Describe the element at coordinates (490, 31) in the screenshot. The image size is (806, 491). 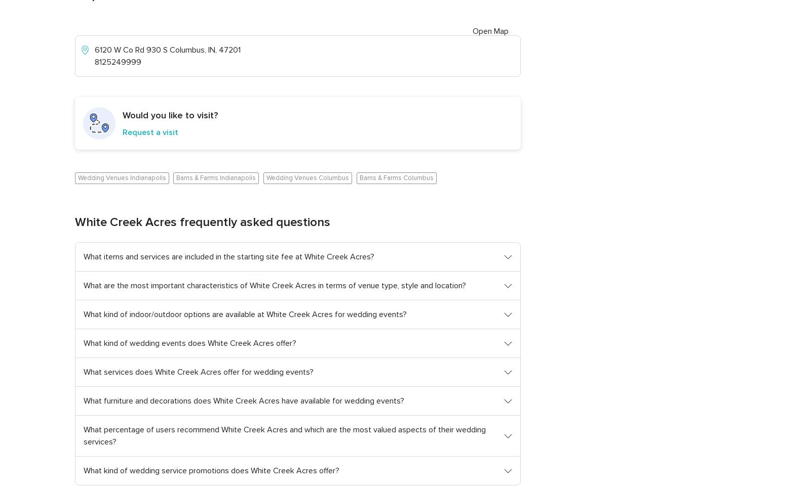
I see `'Open Map'` at that location.